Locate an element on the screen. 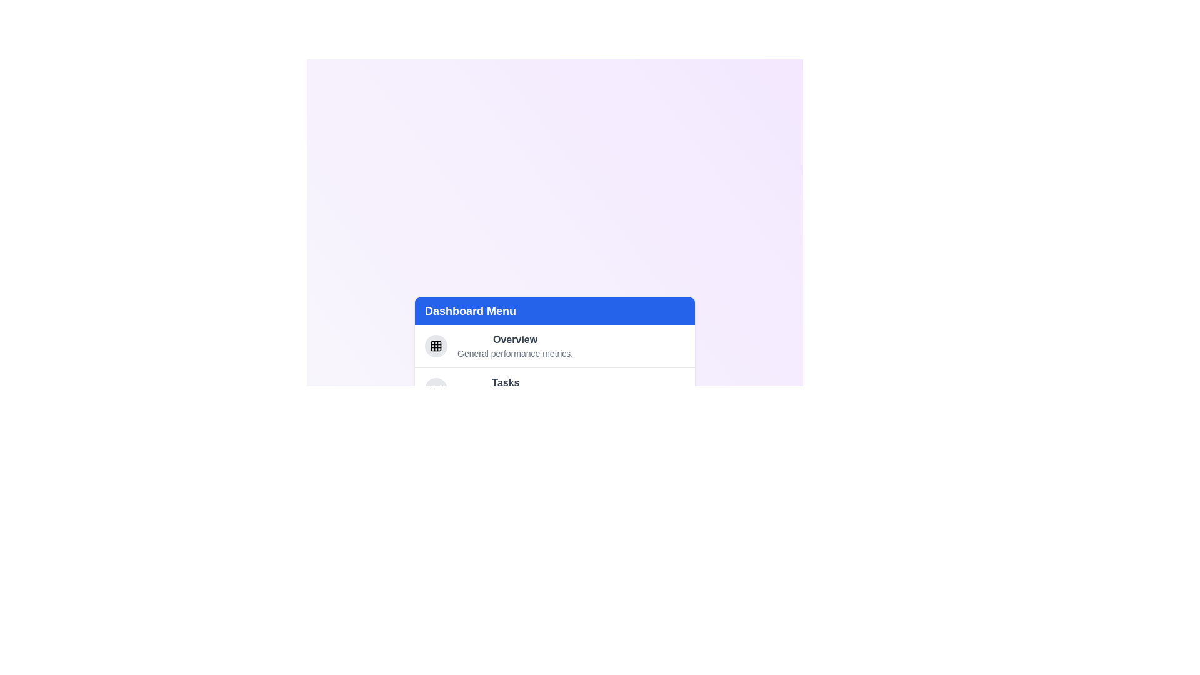 This screenshot has height=675, width=1200. the menu item Overview to inspect its icon and description is located at coordinates (436, 346).